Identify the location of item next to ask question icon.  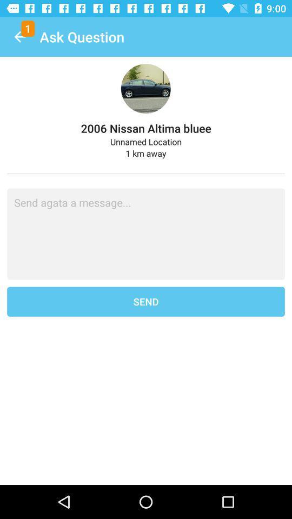
(19, 37).